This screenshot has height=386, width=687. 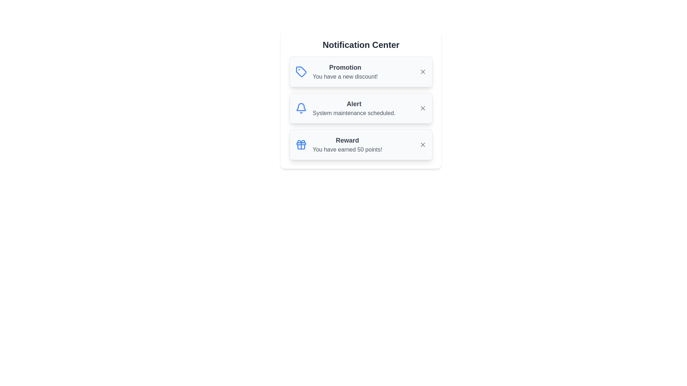 I want to click on the text label that reads 'You have earned 50 points!' styled in medium gray color, located below the heading 'Reward' in the notification card, so click(x=347, y=149).